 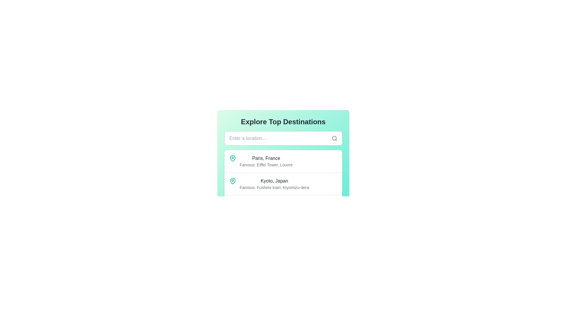 What do you see at coordinates (274, 183) in the screenshot?
I see `information displayed in the text block showing 'Kyoto, Japan' and its famous landmarks below it` at bounding box center [274, 183].